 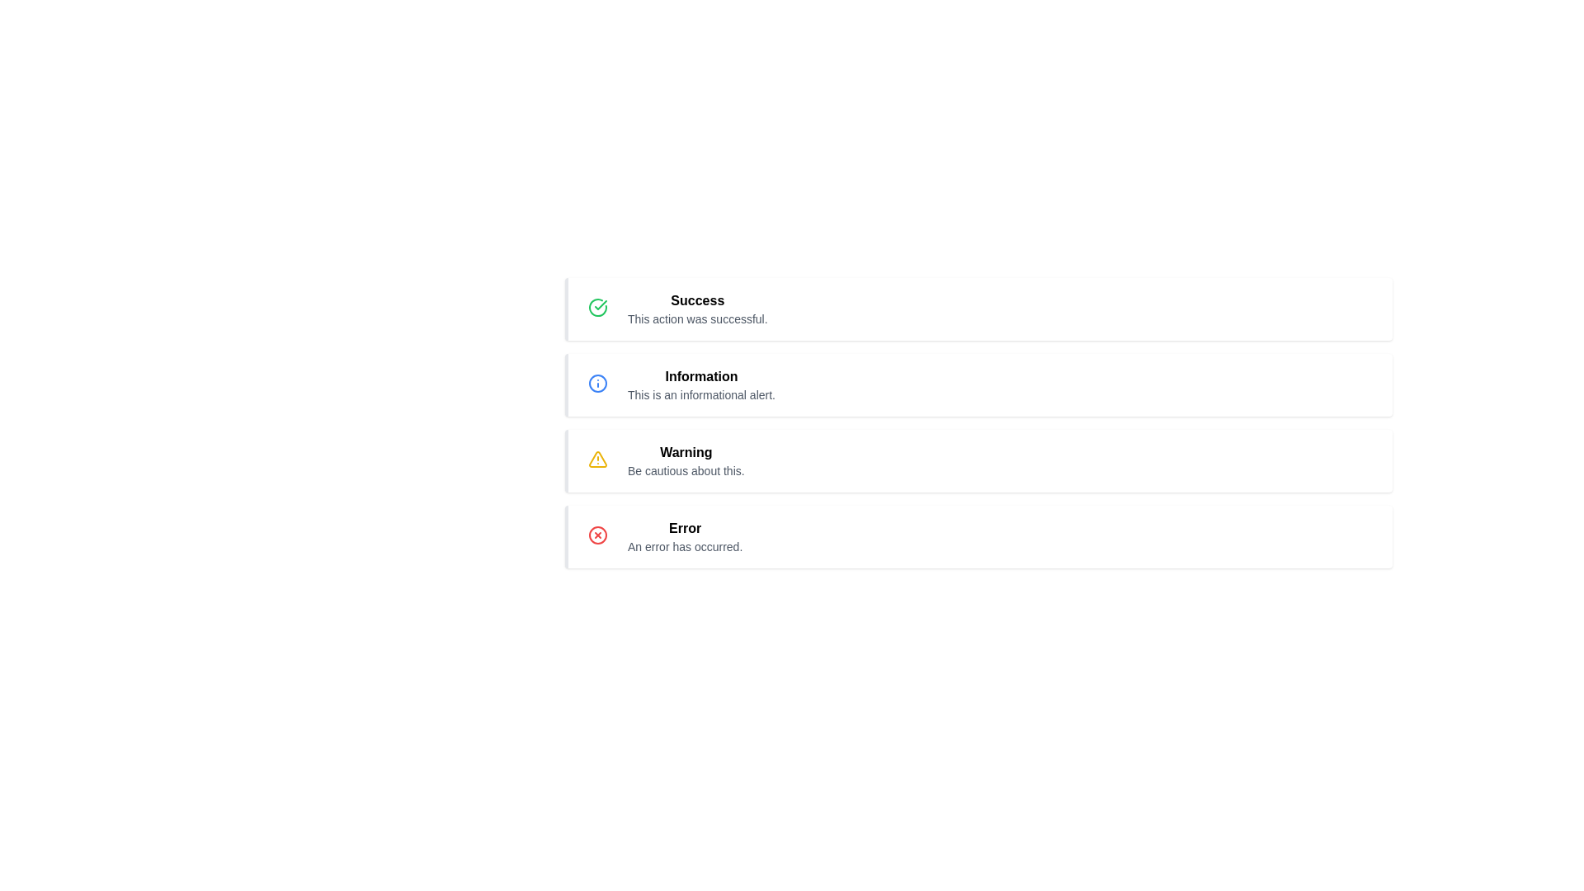 What do you see at coordinates (600, 305) in the screenshot?
I see `the green checkmark icon located in the first row of the list interface, which signifies a 'Success' status and is positioned to the left of the 'Success' text` at bounding box center [600, 305].